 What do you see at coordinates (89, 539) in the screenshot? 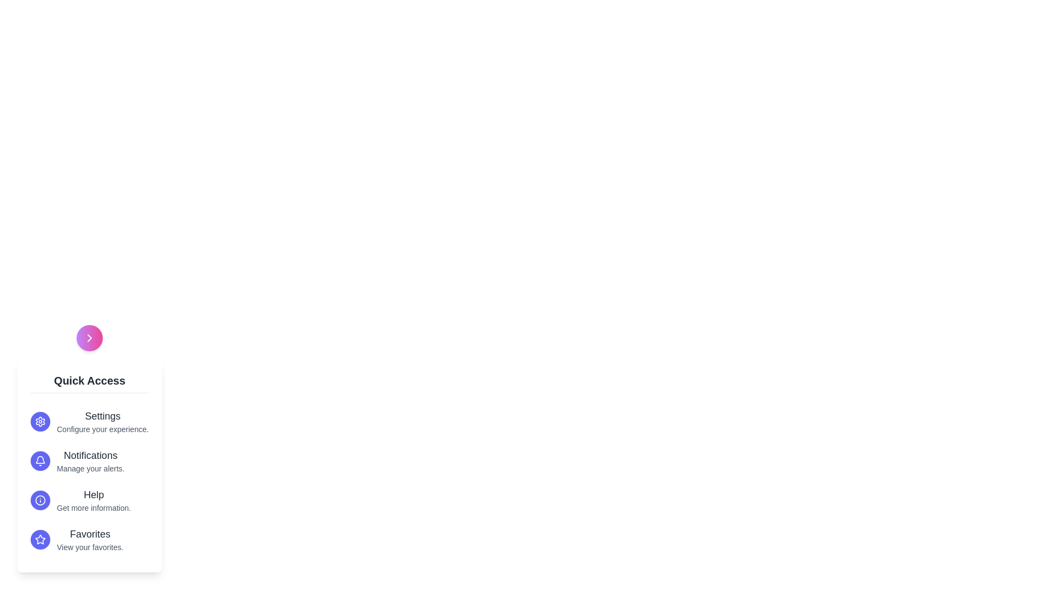
I see `the 'Favorites' option in the menu` at bounding box center [89, 539].